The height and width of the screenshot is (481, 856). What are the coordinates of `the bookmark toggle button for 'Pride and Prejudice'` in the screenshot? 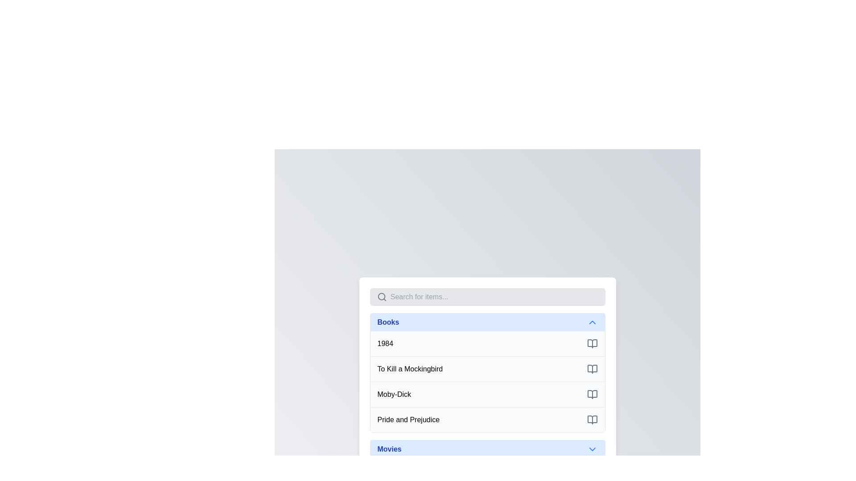 It's located at (592, 420).